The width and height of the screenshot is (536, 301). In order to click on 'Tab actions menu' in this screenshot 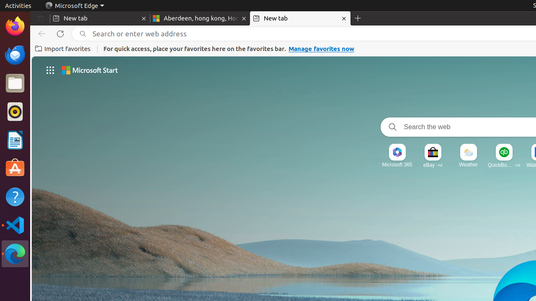, I will do `click(40, 18)`.